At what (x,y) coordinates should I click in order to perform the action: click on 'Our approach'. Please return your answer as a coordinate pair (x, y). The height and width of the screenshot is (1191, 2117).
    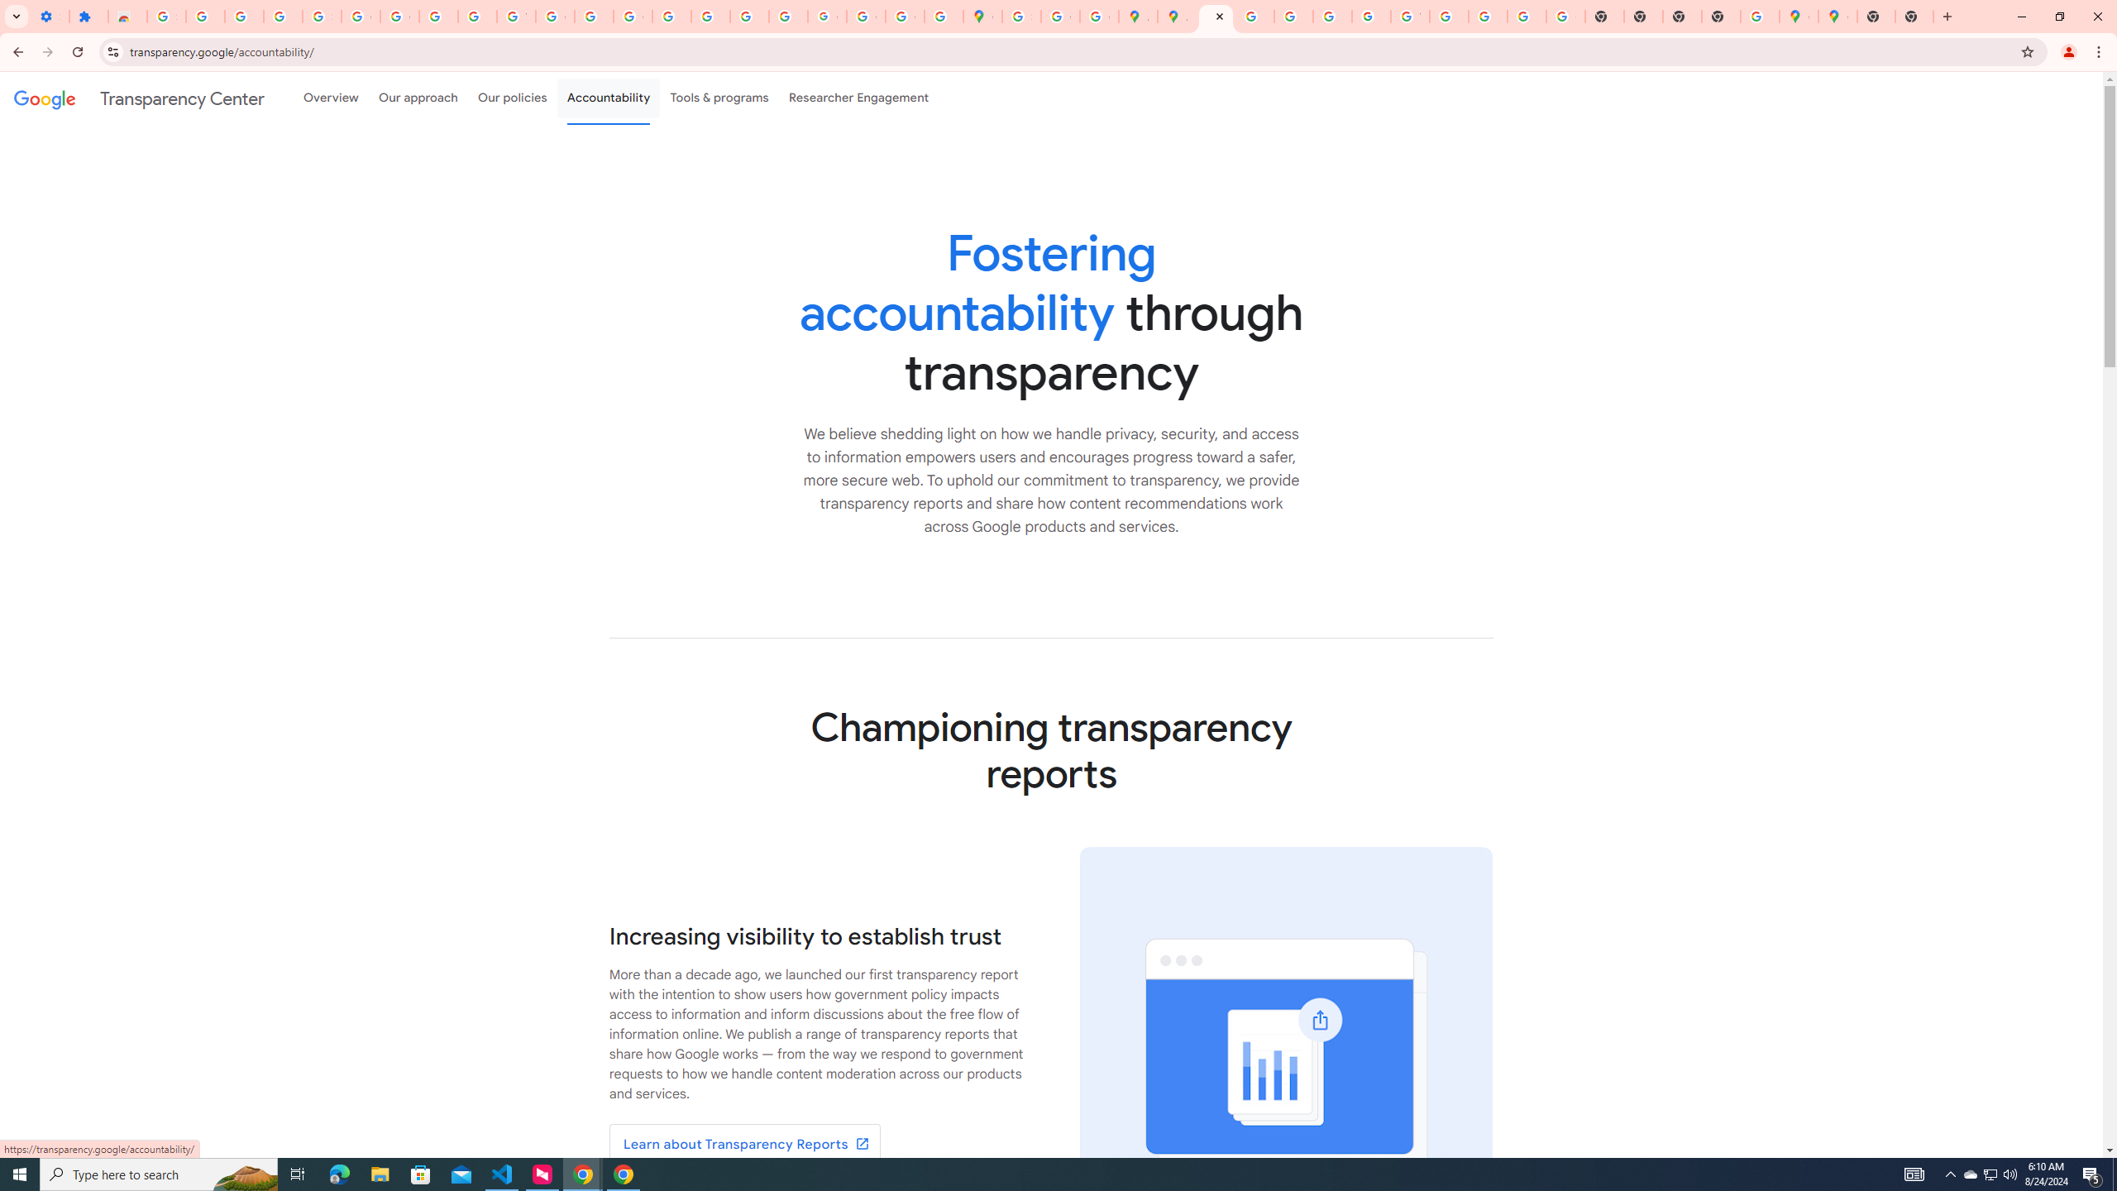
    Looking at the image, I should click on (418, 98).